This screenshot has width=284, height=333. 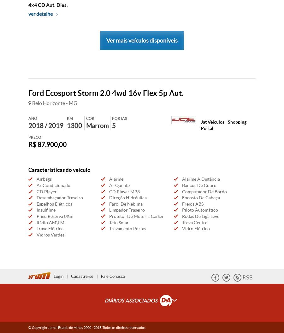 I want to click on 'Preço', so click(x=34, y=137).